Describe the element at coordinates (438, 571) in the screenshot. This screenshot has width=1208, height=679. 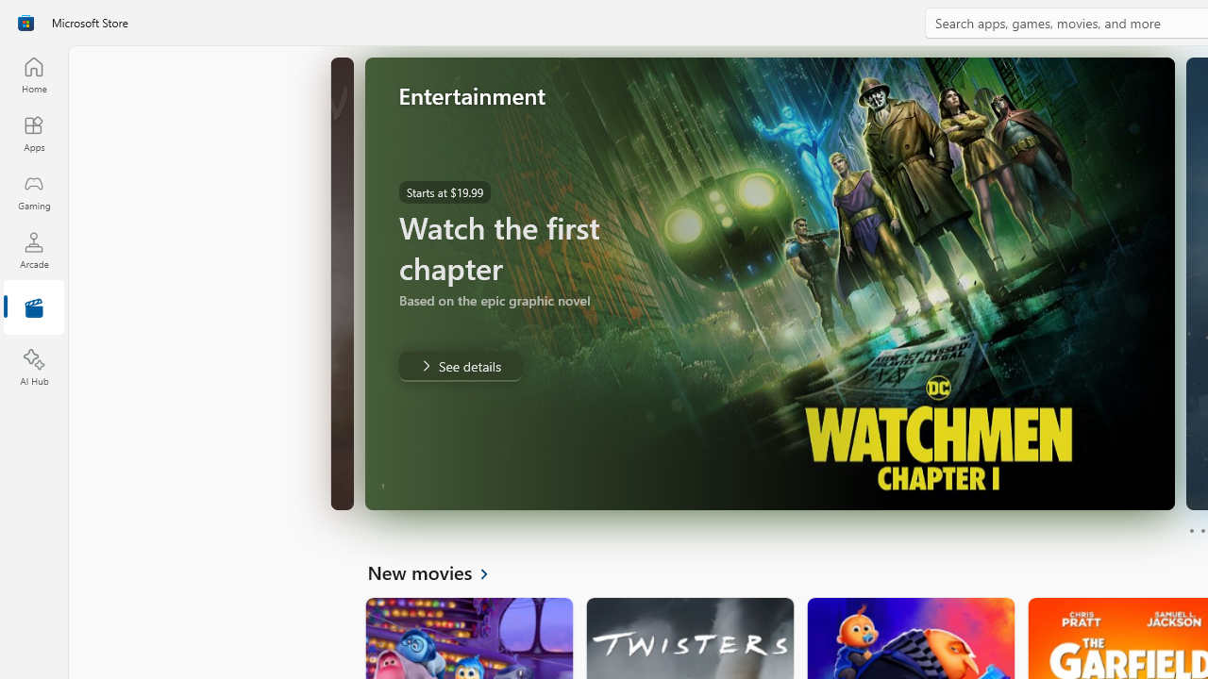
I see `'See all  New movies'` at that location.